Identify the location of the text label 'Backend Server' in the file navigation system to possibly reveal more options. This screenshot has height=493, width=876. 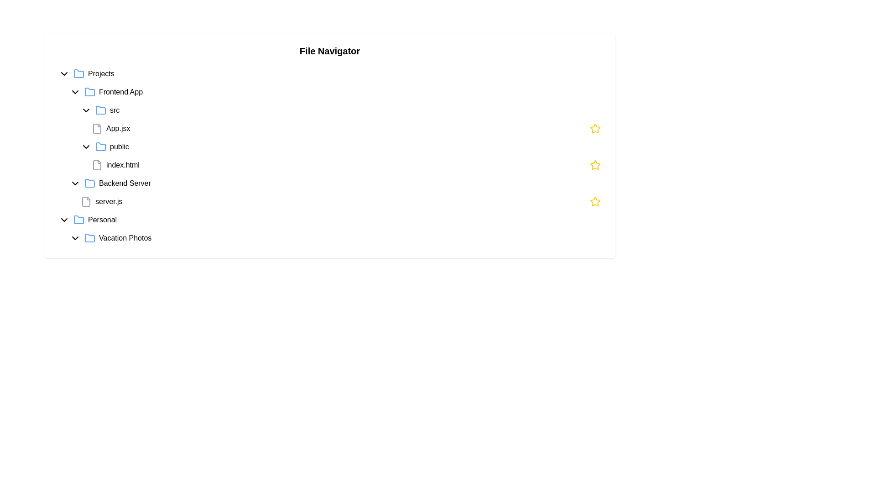
(124, 183).